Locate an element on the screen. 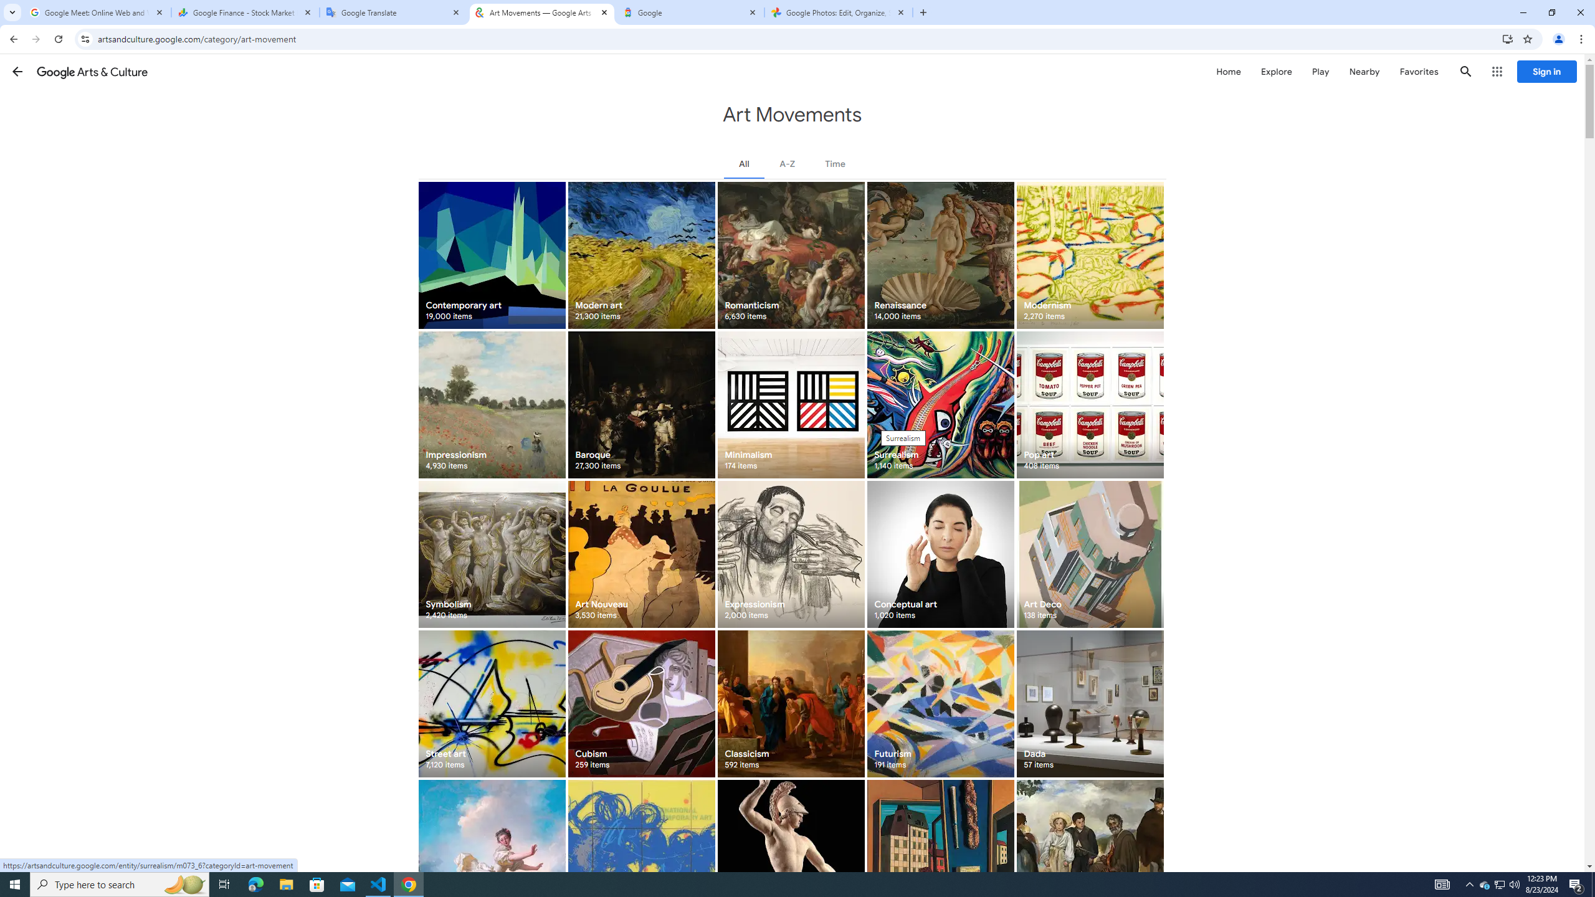  'Art Deco 138 items' is located at coordinates (1089, 553).